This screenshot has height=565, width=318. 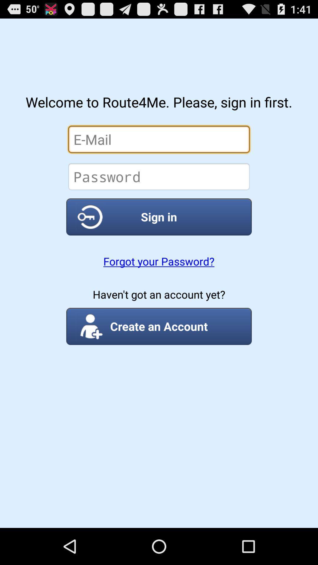 I want to click on forgot your password?, so click(x=158, y=261).